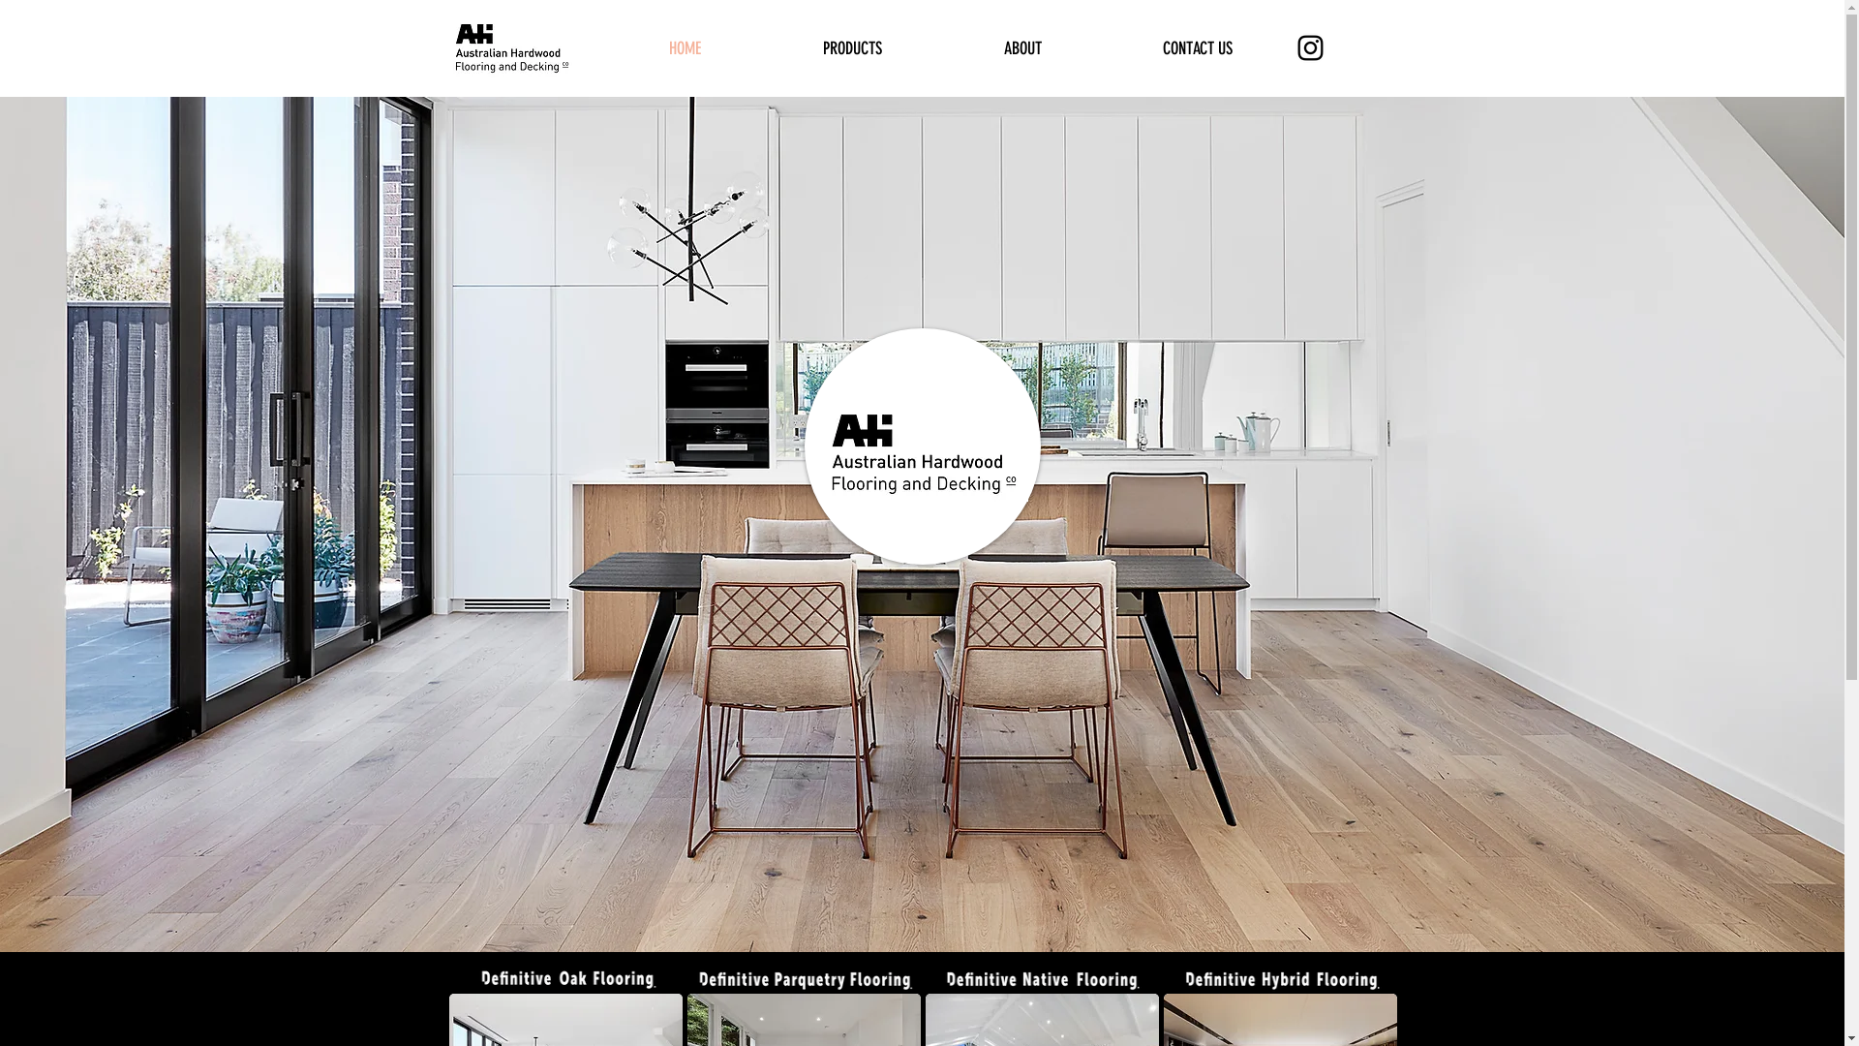  Describe the element at coordinates (607, 47) in the screenshot. I see `'HOME'` at that location.